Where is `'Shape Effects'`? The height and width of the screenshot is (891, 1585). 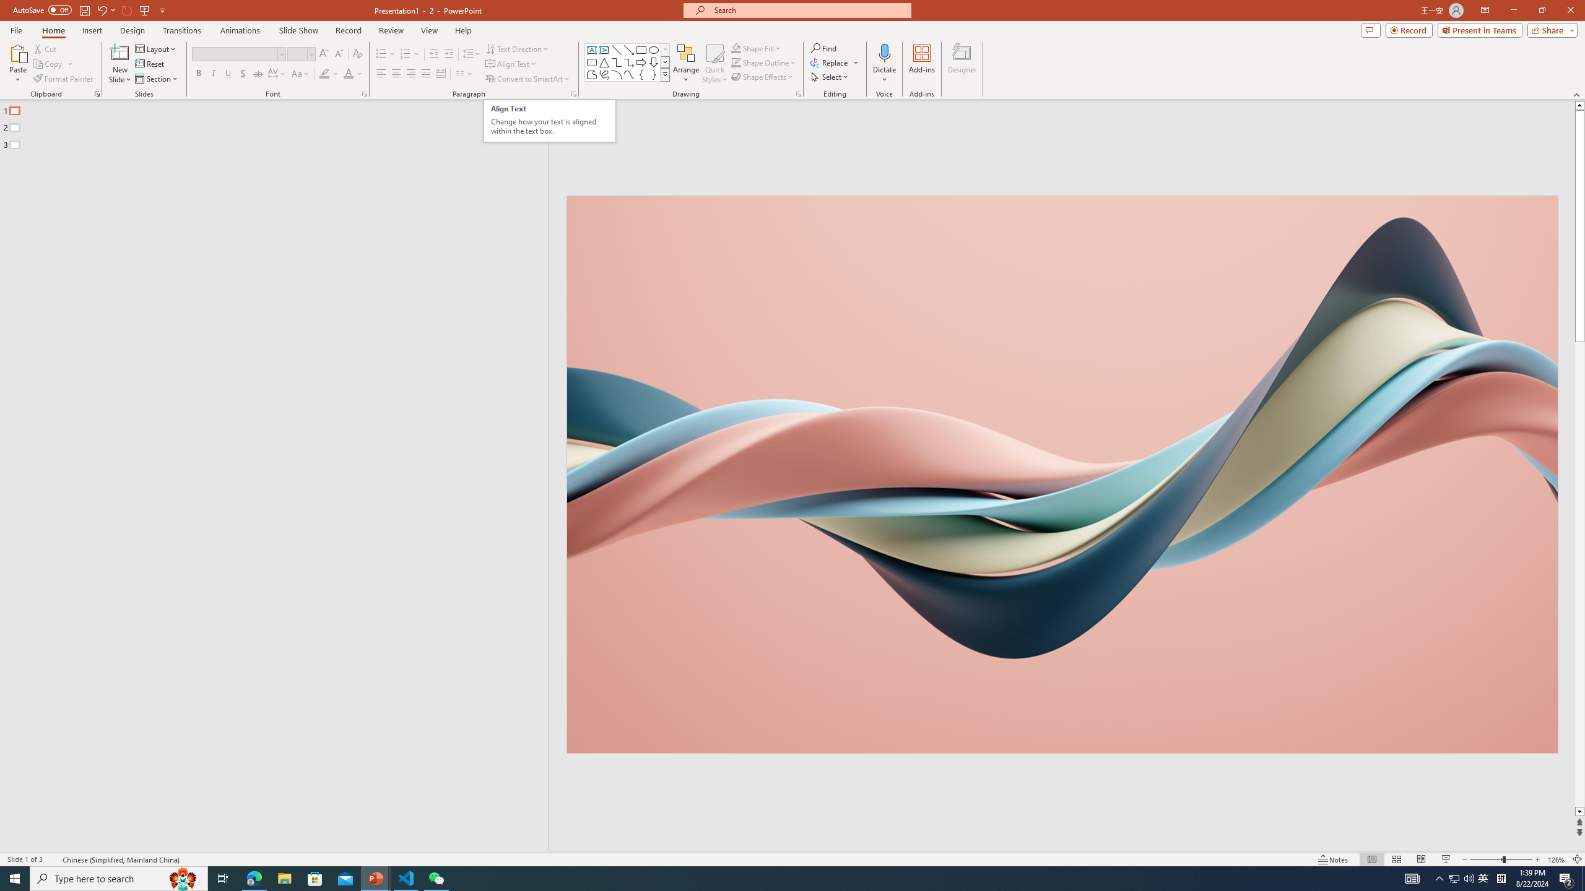
'Shape Effects' is located at coordinates (762, 75).